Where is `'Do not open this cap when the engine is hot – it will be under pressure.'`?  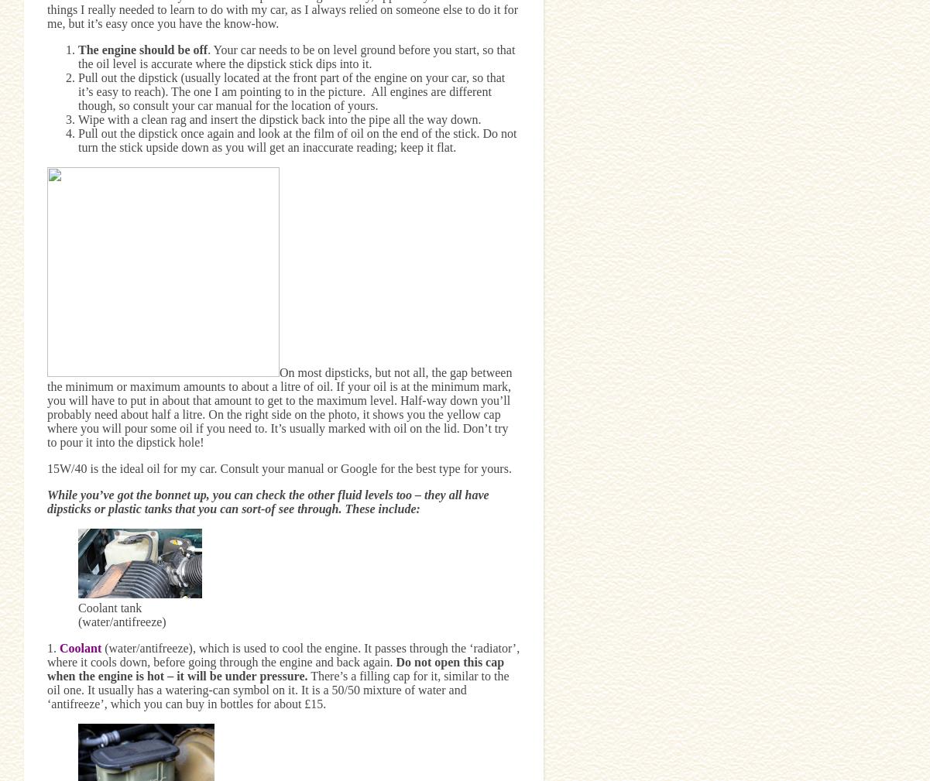
'Do not open this cap when the engine is hot – it will be under pressure.' is located at coordinates (274, 668).